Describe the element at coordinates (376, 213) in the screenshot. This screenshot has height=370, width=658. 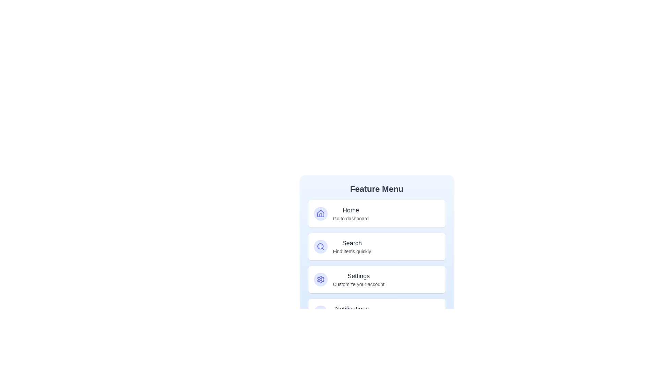
I see `the Home option in the StylishFeatureMenu` at that location.